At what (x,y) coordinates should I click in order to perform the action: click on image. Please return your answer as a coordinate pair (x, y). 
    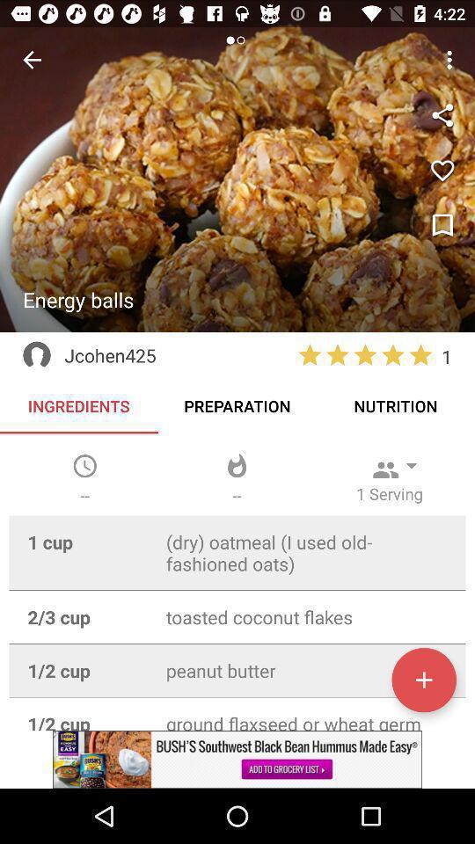
    Looking at the image, I should click on (442, 225).